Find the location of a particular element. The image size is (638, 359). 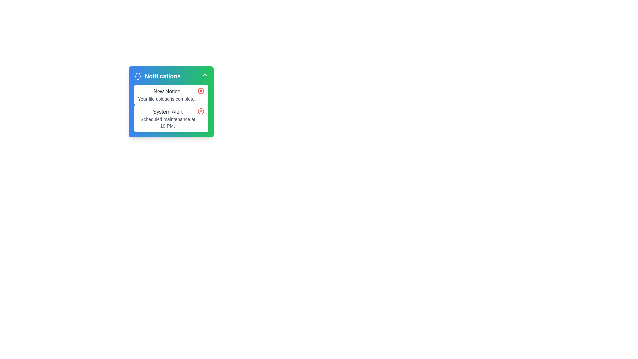

notification message from the Notification card located in the notification panel, which is the first item in the vertically stacked list of notifications is located at coordinates (171, 95).